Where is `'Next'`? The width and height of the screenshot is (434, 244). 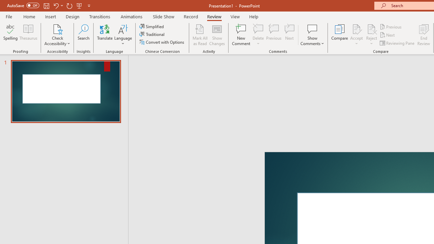
'Next' is located at coordinates (388, 35).